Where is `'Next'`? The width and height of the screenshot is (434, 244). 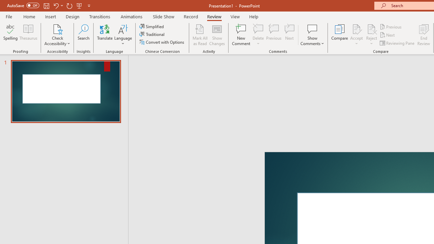
'Next' is located at coordinates (388, 35).